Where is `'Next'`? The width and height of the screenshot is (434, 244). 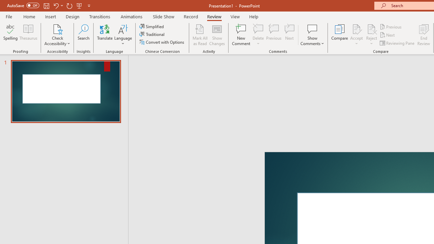
'Next' is located at coordinates (388, 35).